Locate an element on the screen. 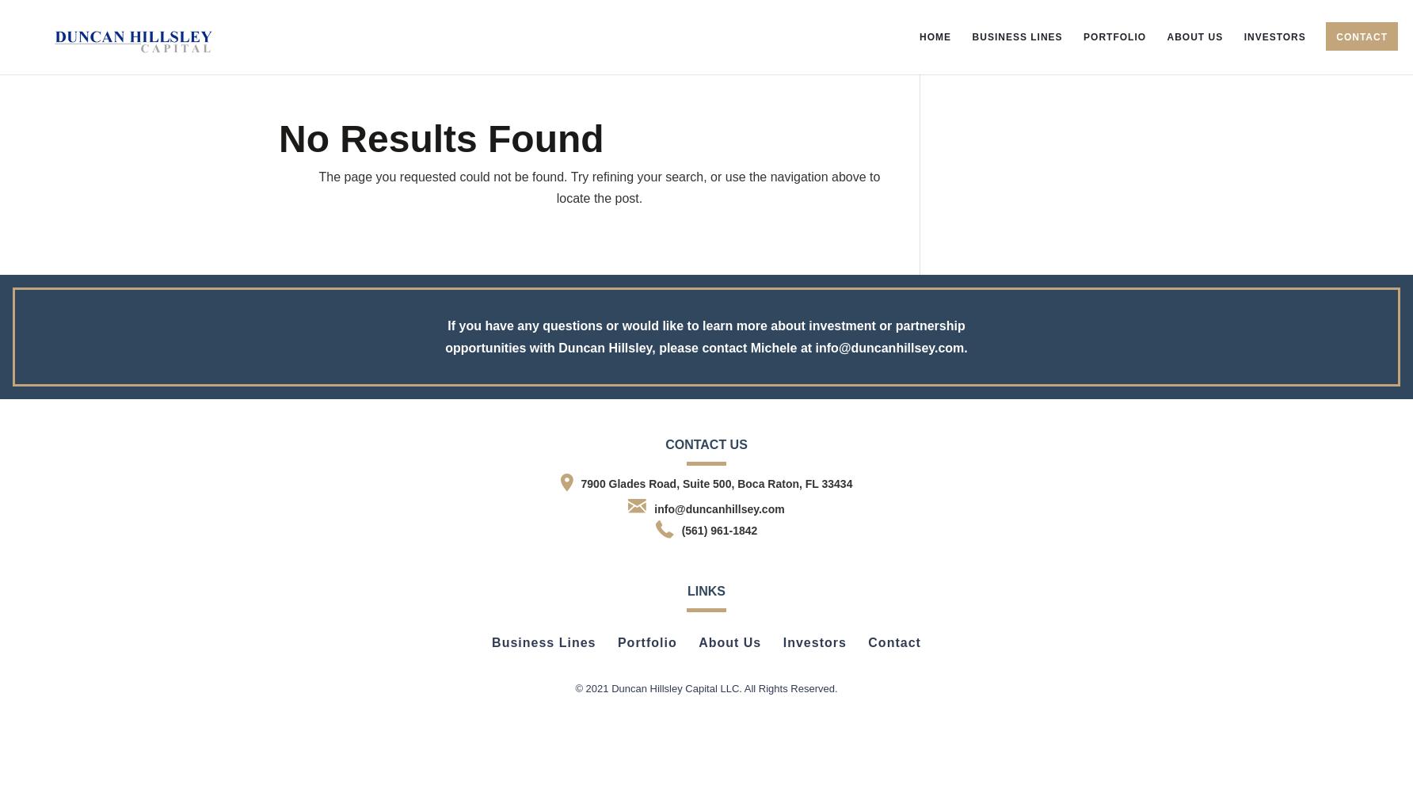 Image resolution: width=1413 pixels, height=792 pixels. 'The page you requested could not be found. Try refining your search, or use the navigation above to locate the post.' is located at coordinates (599, 187).